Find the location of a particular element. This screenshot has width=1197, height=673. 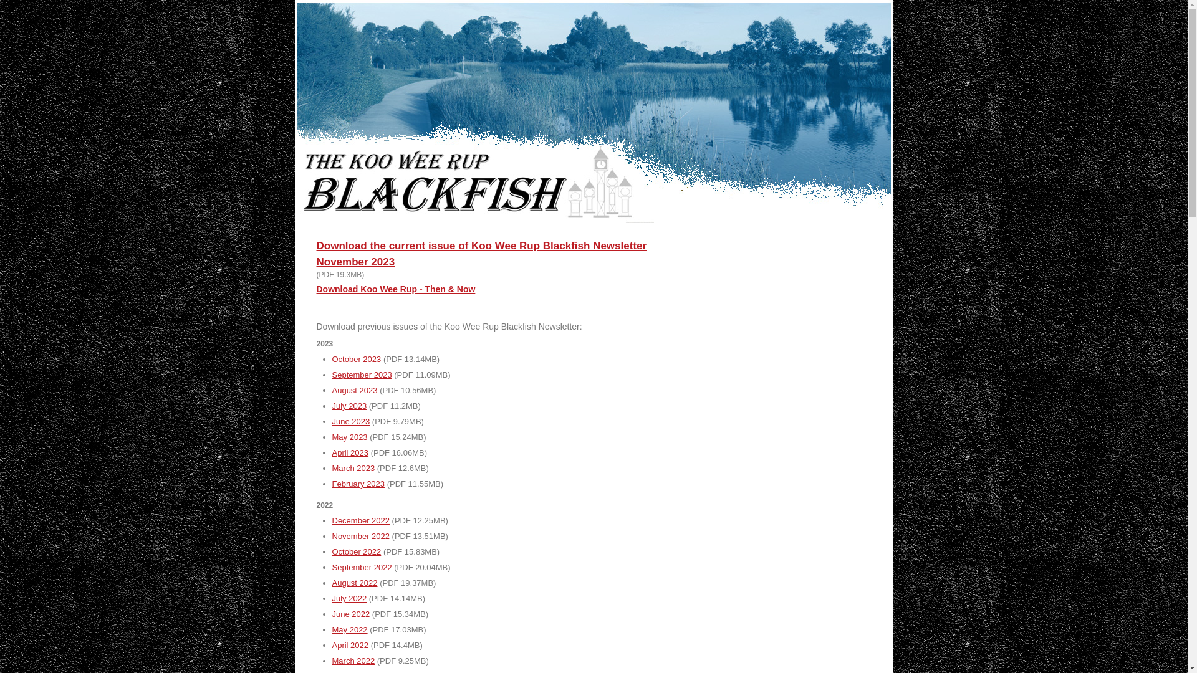

'May 2023' is located at coordinates (349, 436).